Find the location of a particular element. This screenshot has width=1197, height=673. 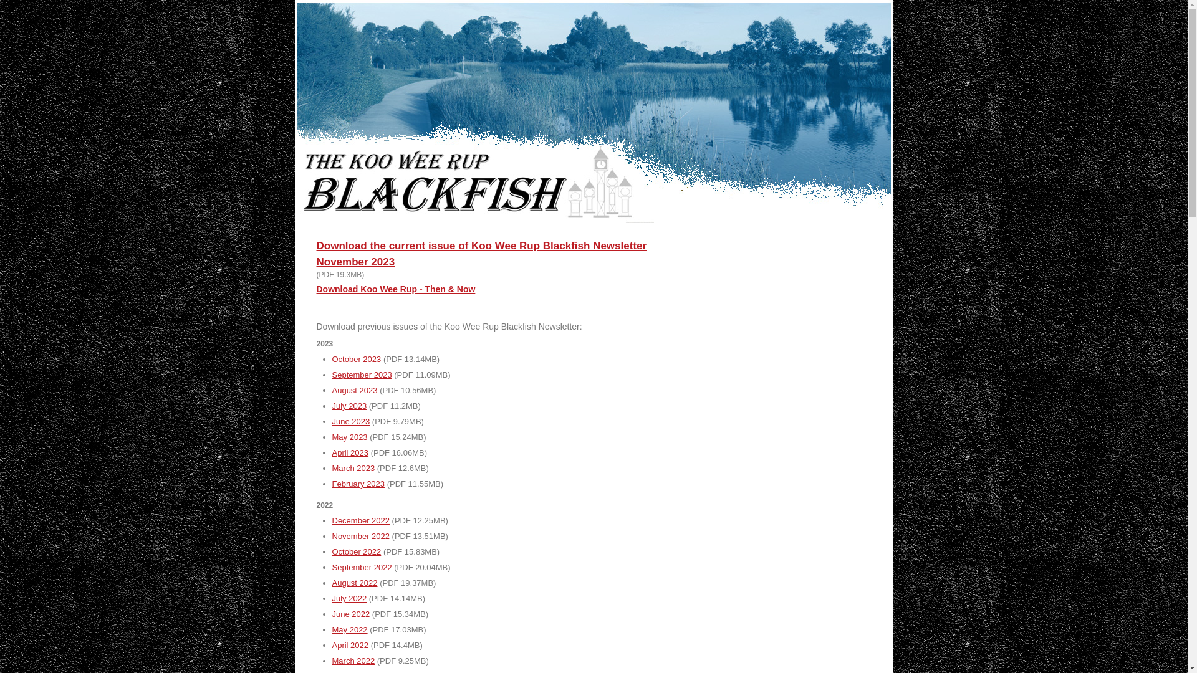

'May 2023' is located at coordinates (349, 436).